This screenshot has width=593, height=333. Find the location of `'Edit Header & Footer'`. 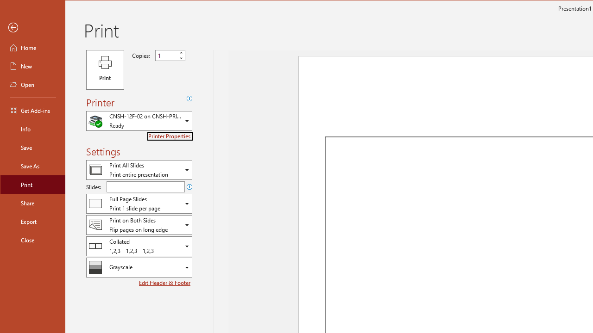

'Edit Header & Footer' is located at coordinates (165, 282).